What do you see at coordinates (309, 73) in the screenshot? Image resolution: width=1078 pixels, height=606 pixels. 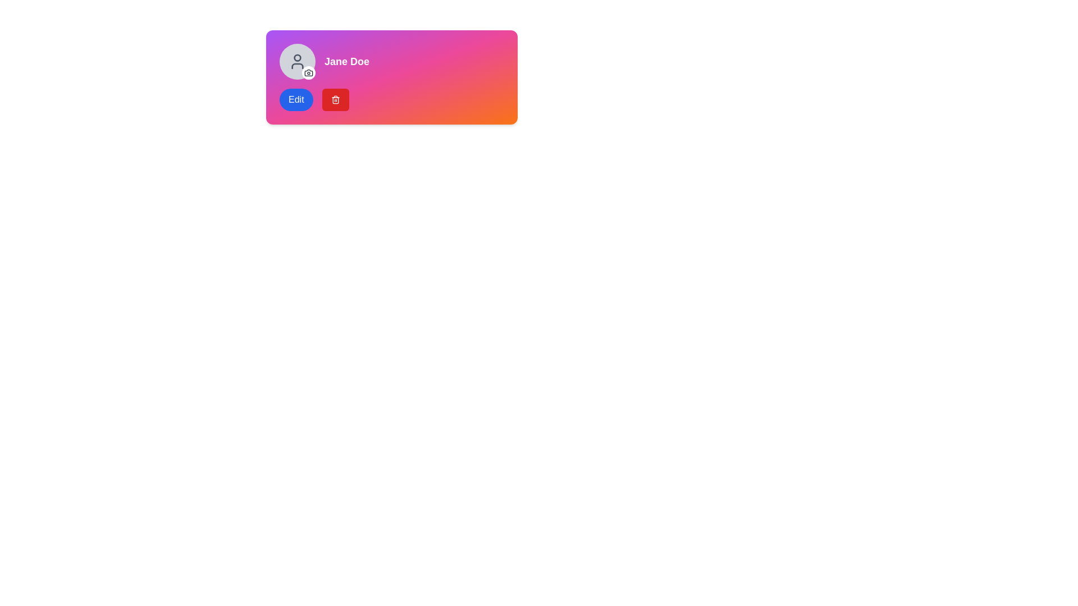 I see `the small circular button with a camera icon located at the bottom-right corner of the user avatar` at bounding box center [309, 73].